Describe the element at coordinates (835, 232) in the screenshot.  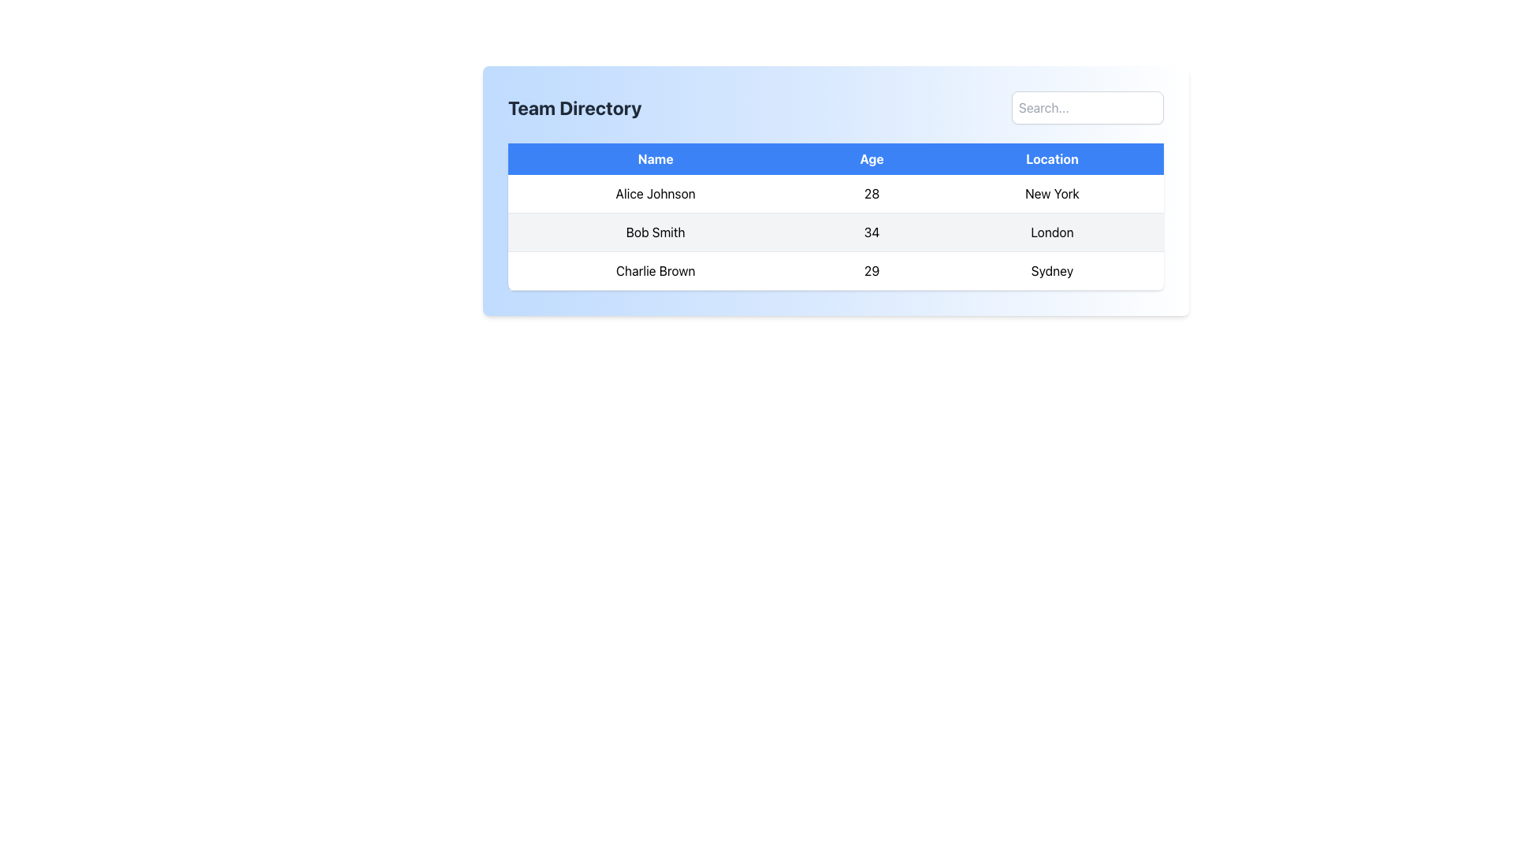
I see `the second row of the table displaying data for 'Bob Smith' to highlight details` at that location.